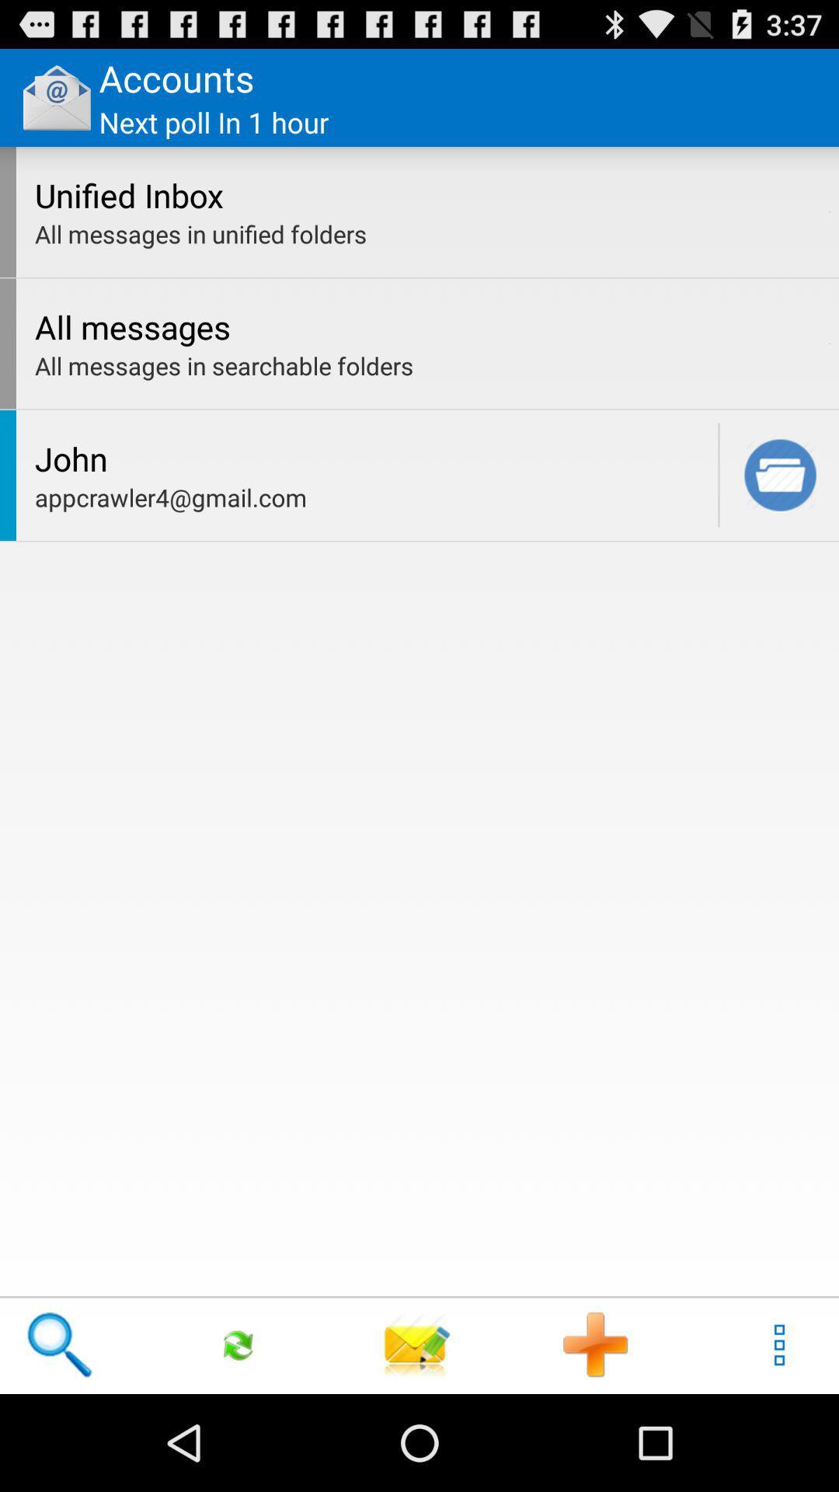 The height and width of the screenshot is (1492, 839). I want to click on the unified inbox, so click(427, 194).